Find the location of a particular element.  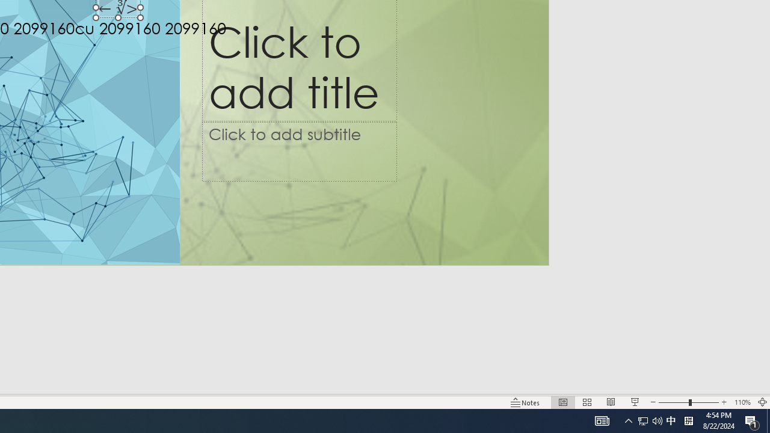

'Zoom 110%' is located at coordinates (742, 402).